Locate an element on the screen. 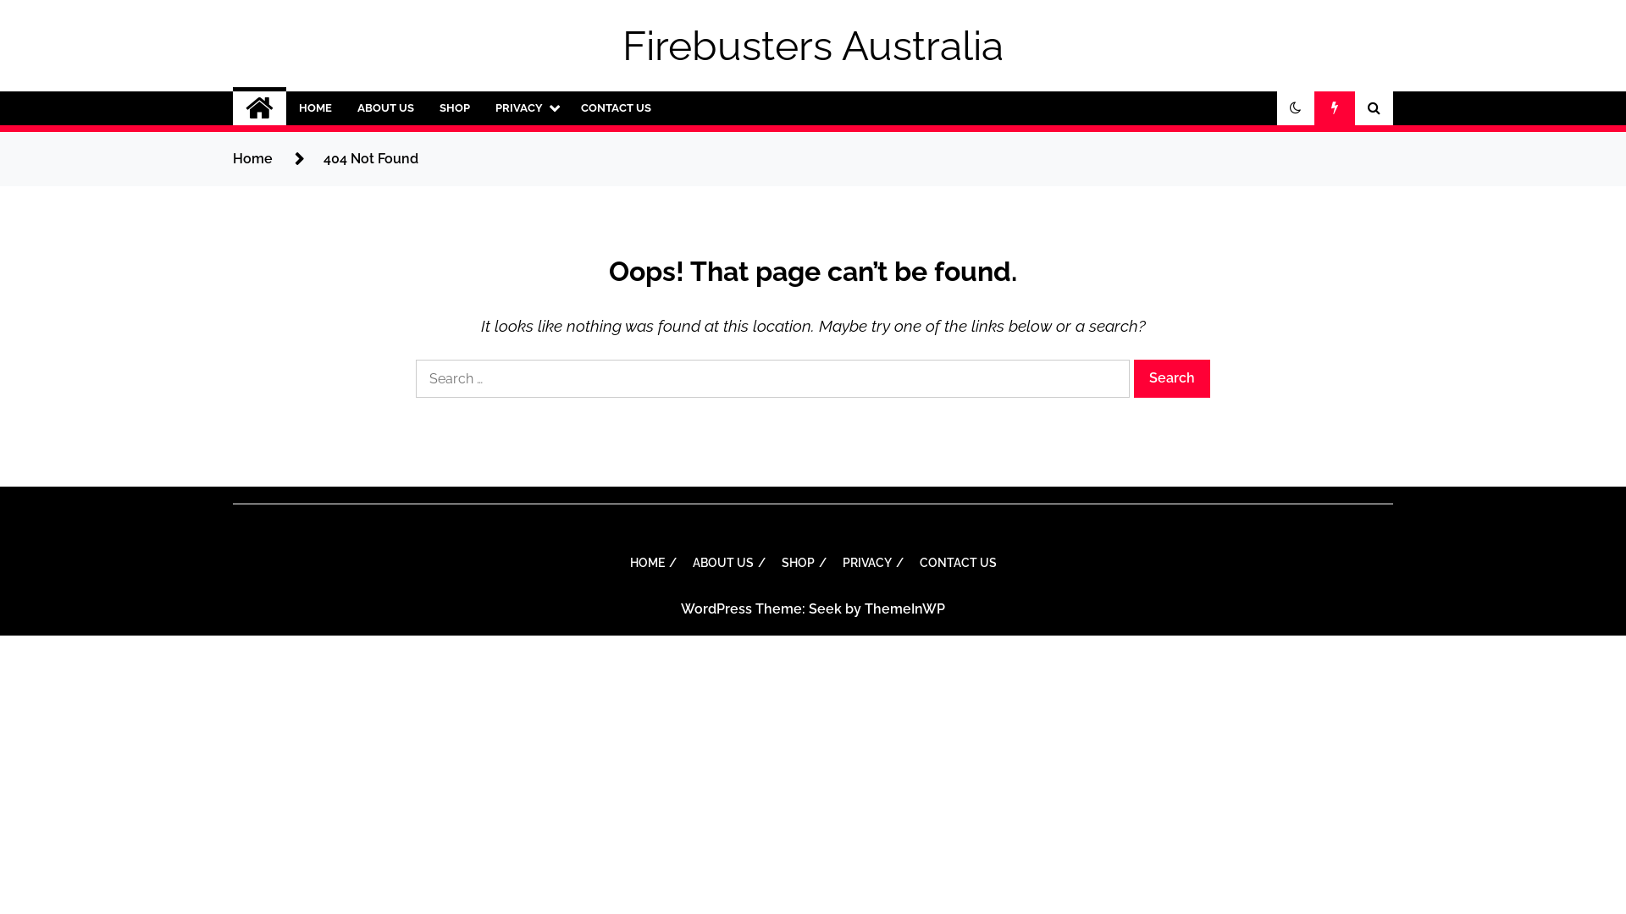  'ABOUT US' is located at coordinates (727, 562).